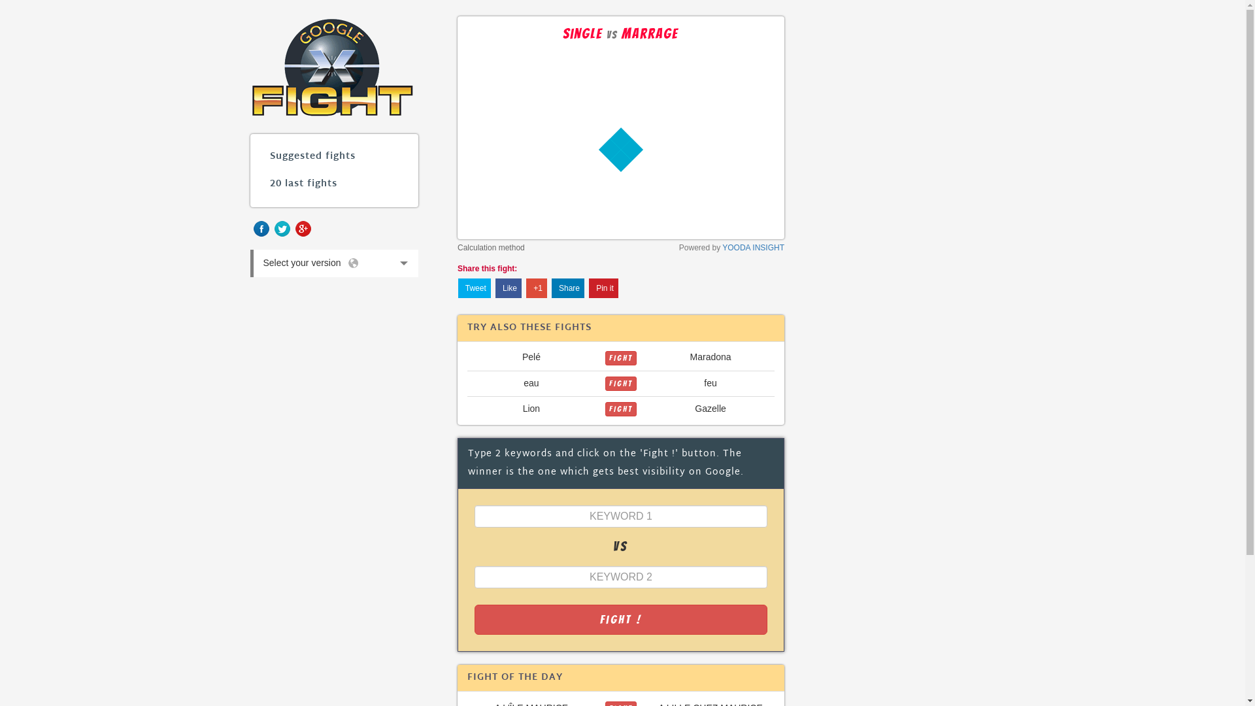 The width and height of the screenshot is (1255, 706). Describe the element at coordinates (507, 287) in the screenshot. I see `'Like'` at that location.